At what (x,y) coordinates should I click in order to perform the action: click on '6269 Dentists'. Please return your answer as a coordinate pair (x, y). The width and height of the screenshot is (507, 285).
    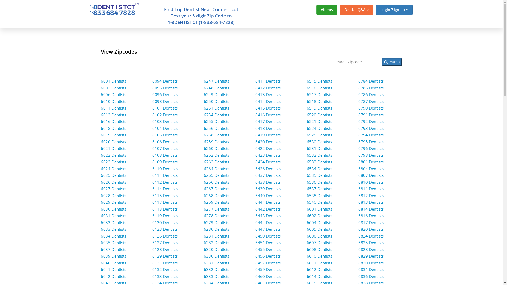
    Looking at the image, I should click on (217, 202).